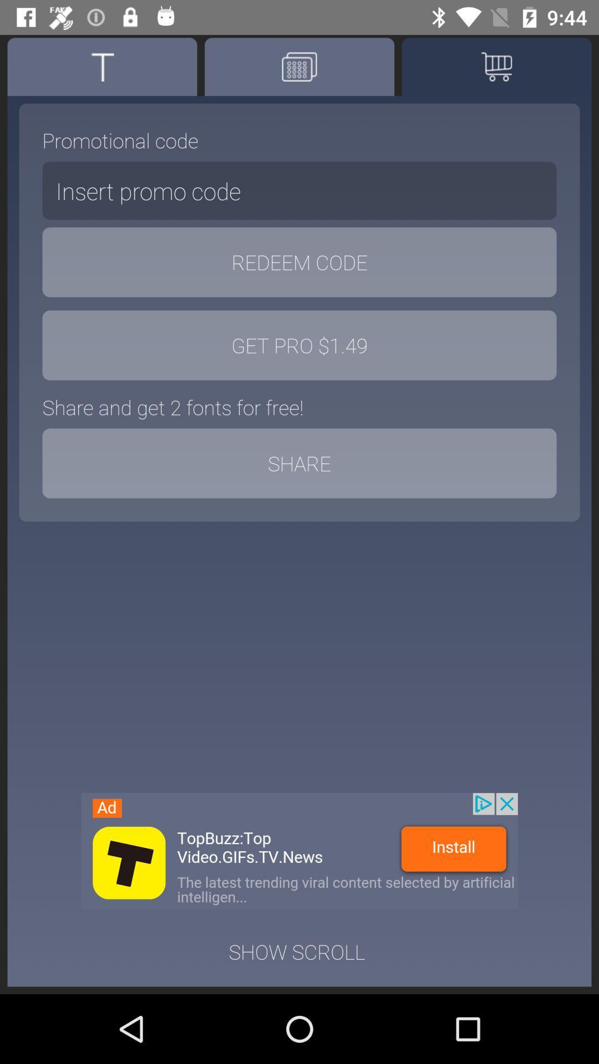 This screenshot has height=1064, width=599. What do you see at coordinates (496, 66) in the screenshot?
I see `the list icon` at bounding box center [496, 66].